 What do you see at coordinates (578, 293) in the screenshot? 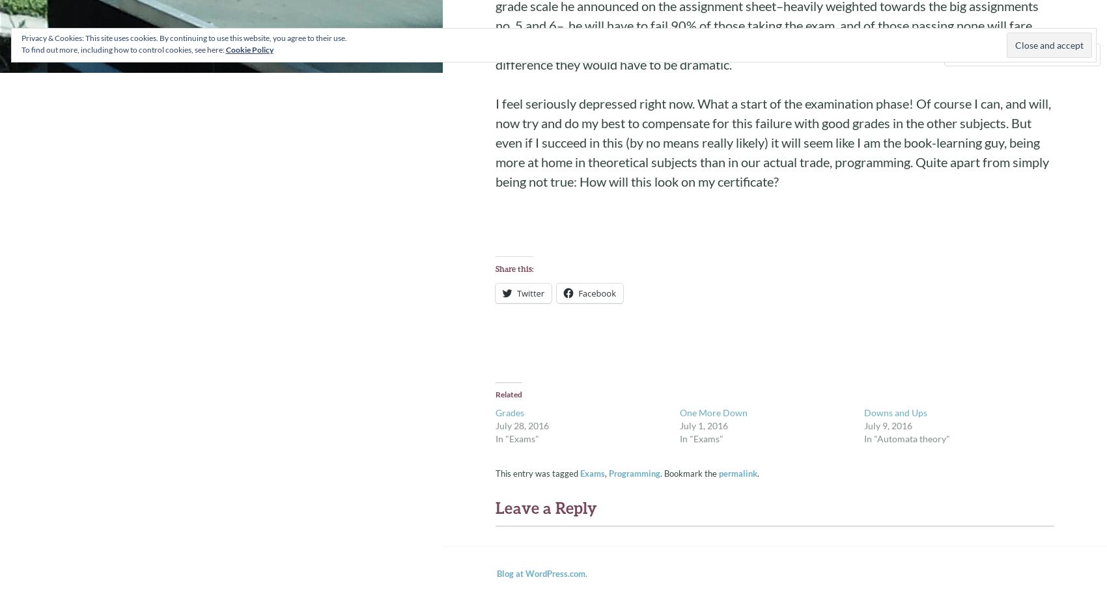
I see `'Facebook'` at bounding box center [578, 293].